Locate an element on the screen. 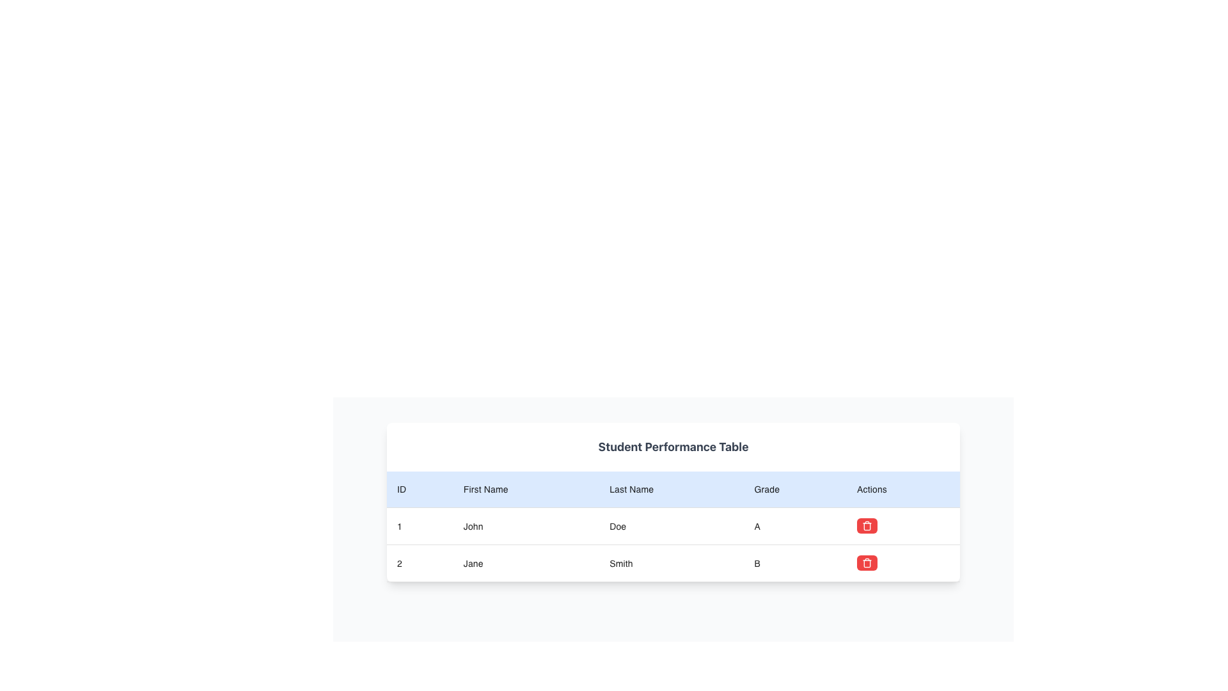  the trash can icon located in the 'Actions' column of the second row within a red button by is located at coordinates (867, 562).